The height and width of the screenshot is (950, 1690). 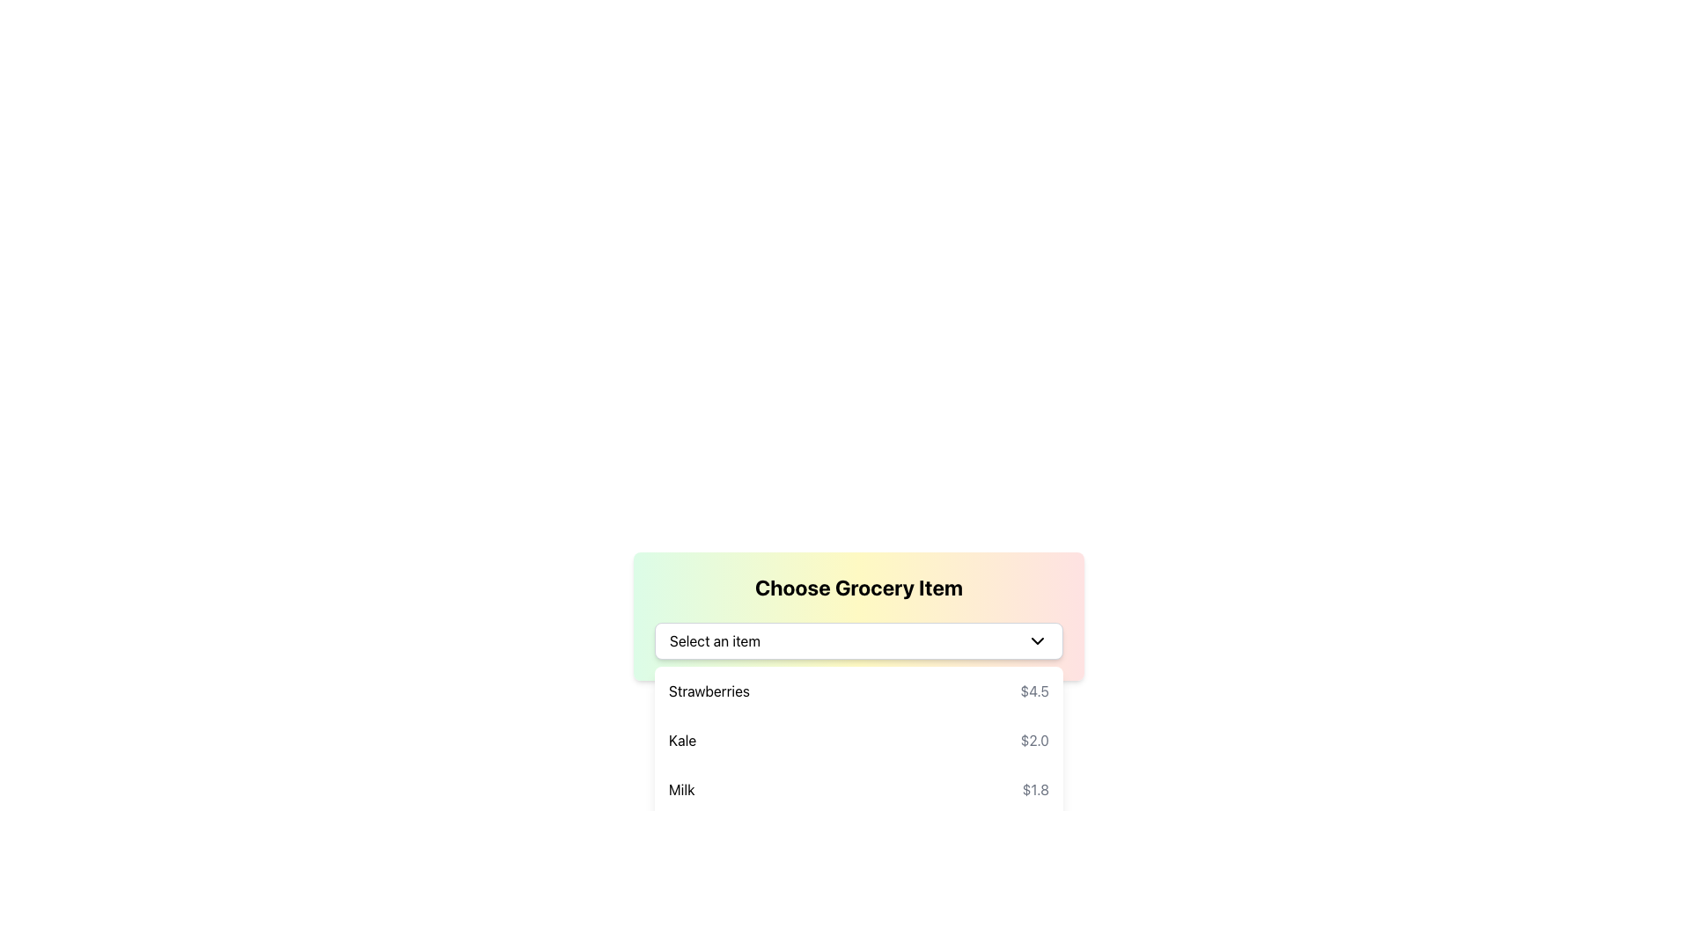 I want to click on the first grocery item in the list labeled 'Strawberries', so click(x=858, y=691).